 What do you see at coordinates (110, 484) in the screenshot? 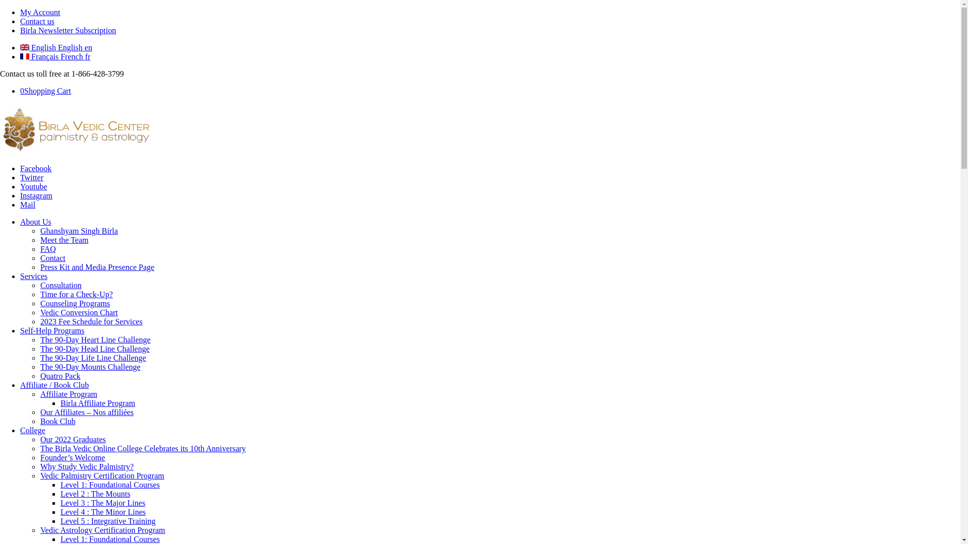
I see `'Level 1: Foundational Courses'` at bounding box center [110, 484].